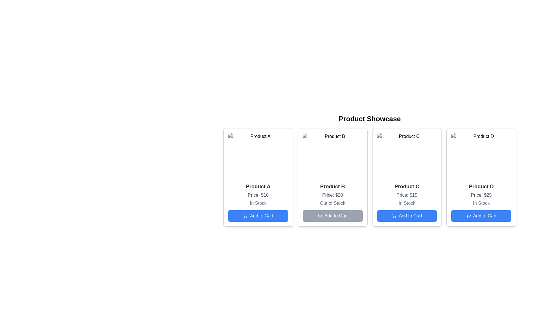 Image resolution: width=554 pixels, height=311 pixels. I want to click on the text label component identifying 'Product C', located at the top-left of the third product card in a horizontally aligned series, above the price details, so click(407, 187).